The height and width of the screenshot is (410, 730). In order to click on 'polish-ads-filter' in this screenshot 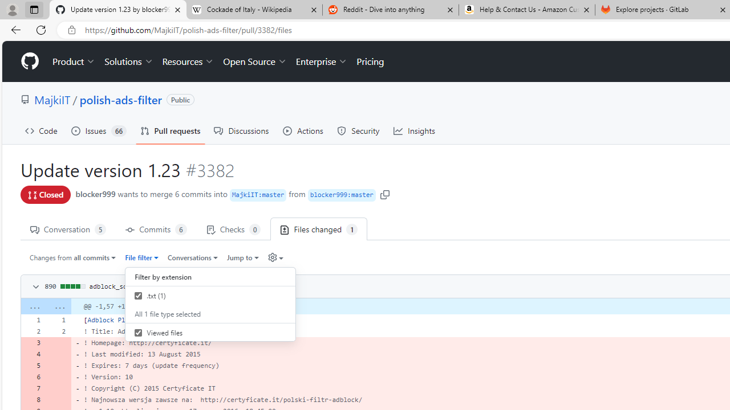, I will do `click(120, 99)`.